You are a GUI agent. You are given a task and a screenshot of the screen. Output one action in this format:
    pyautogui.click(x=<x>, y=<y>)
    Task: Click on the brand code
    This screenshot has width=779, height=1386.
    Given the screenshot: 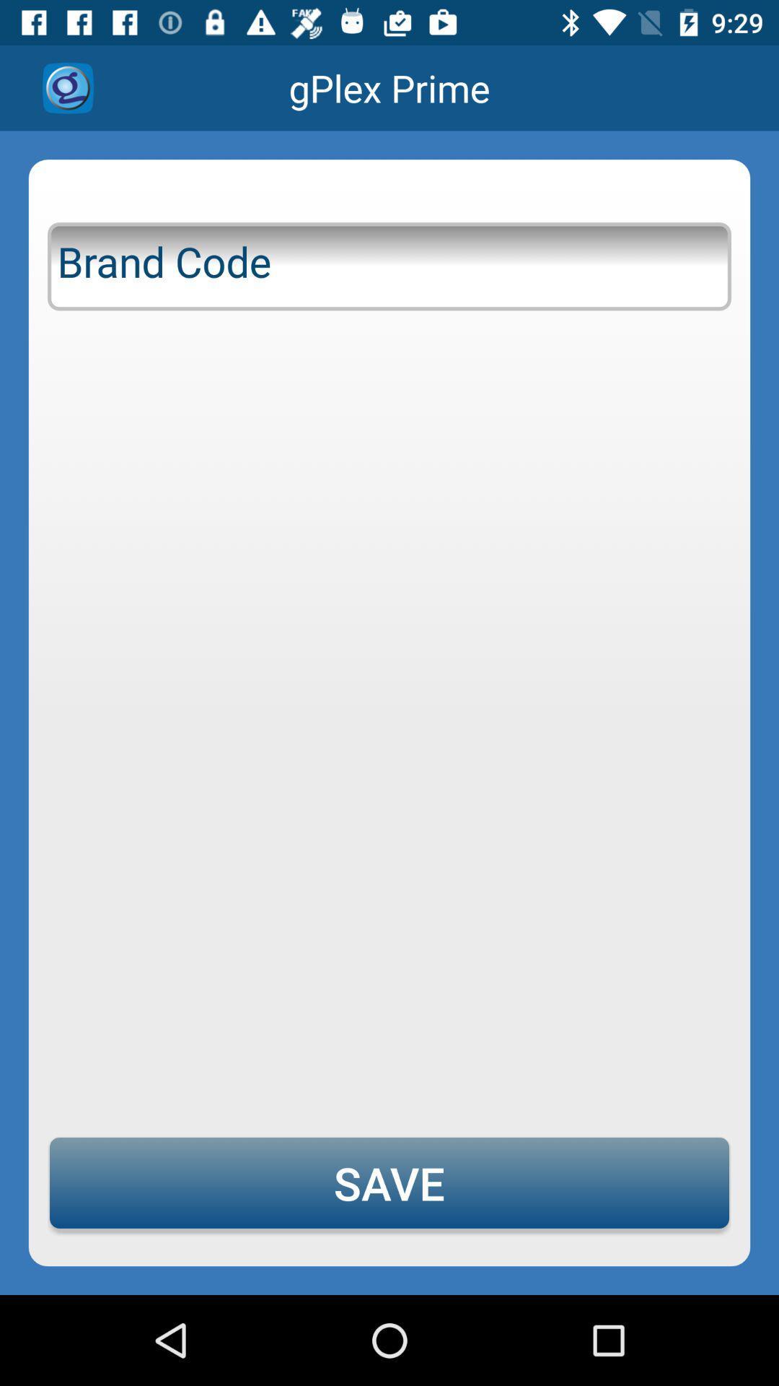 What is the action you would take?
    pyautogui.click(x=389, y=263)
    